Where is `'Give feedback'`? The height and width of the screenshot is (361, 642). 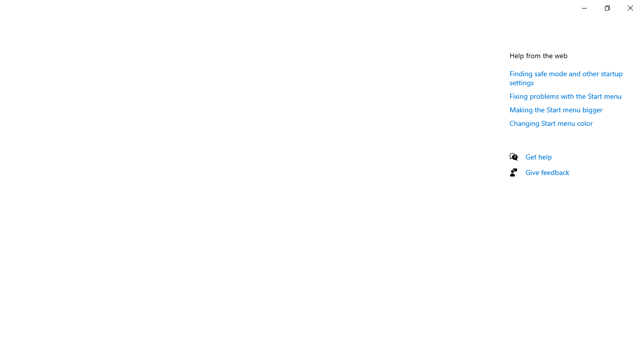 'Give feedback' is located at coordinates (547, 171).